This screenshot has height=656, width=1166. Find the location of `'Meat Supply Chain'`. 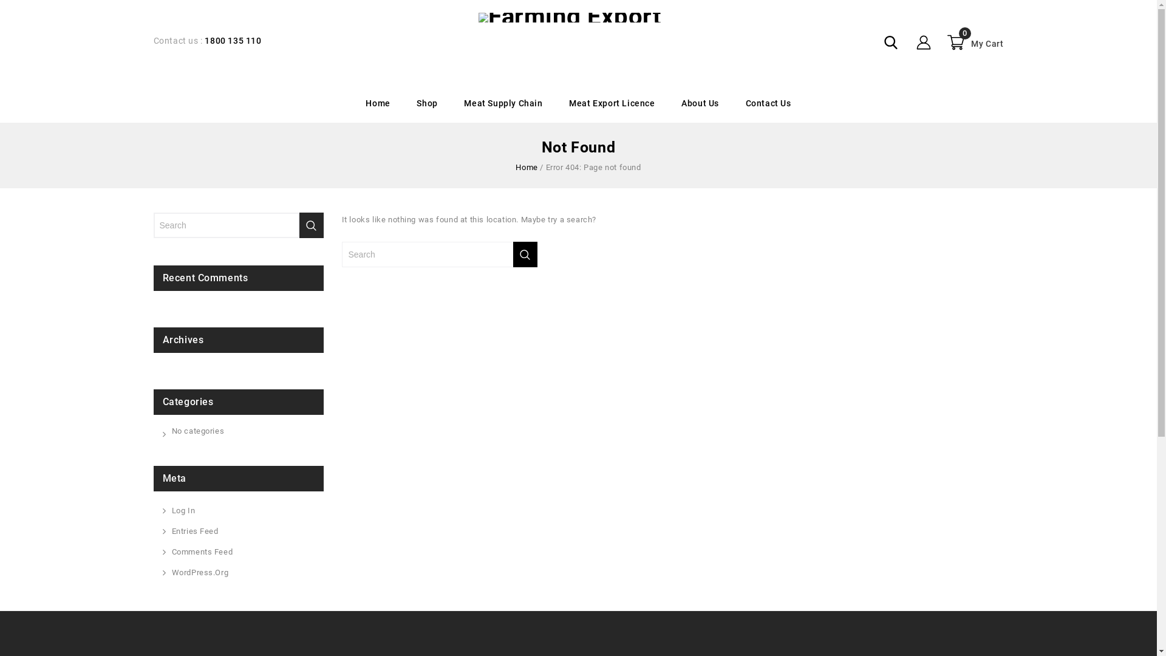

'Meat Supply Chain' is located at coordinates (503, 103).